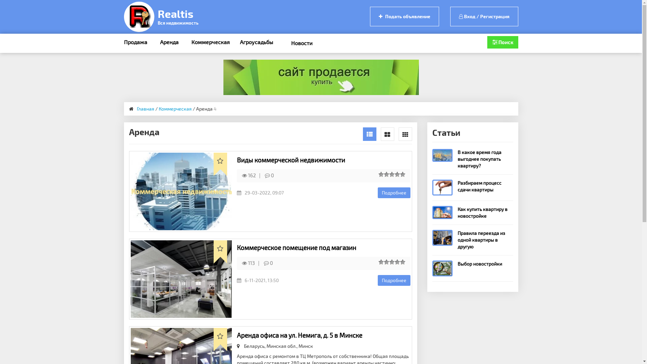 This screenshot has width=647, height=364. What do you see at coordinates (392, 174) in the screenshot?
I see `'3'` at bounding box center [392, 174].